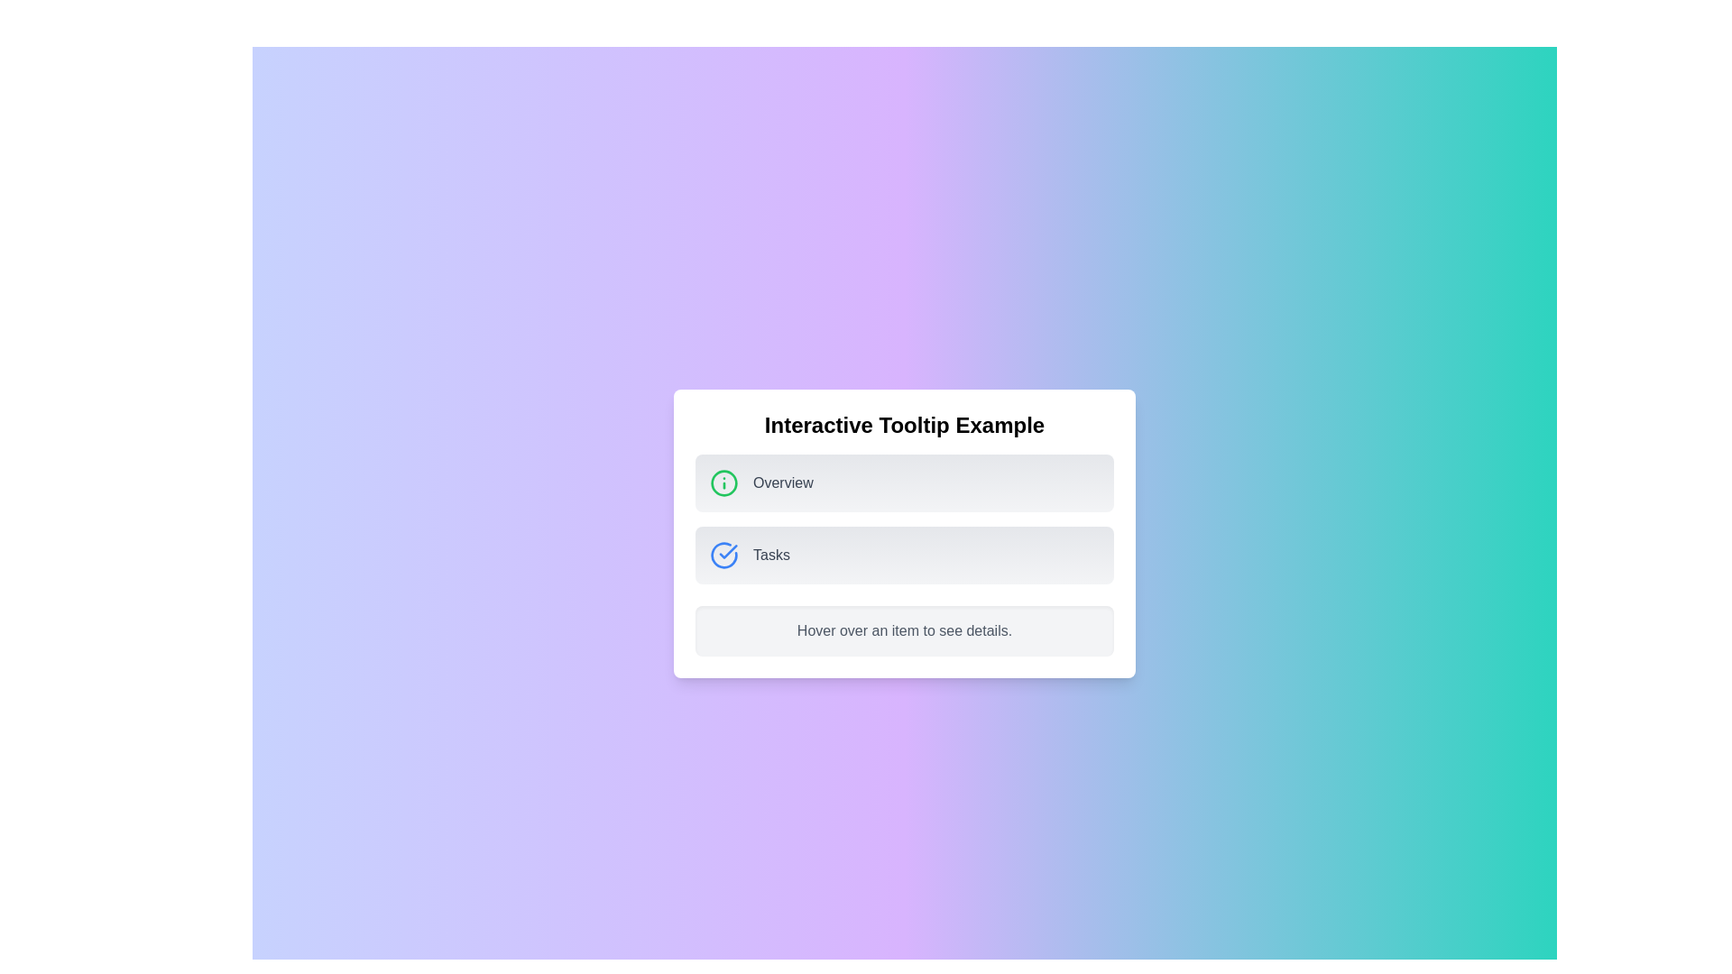  I want to click on the 'Overview' text label, which is styled in gray and positioned to the right of a green circular icon with an information symbol, so click(783, 482).